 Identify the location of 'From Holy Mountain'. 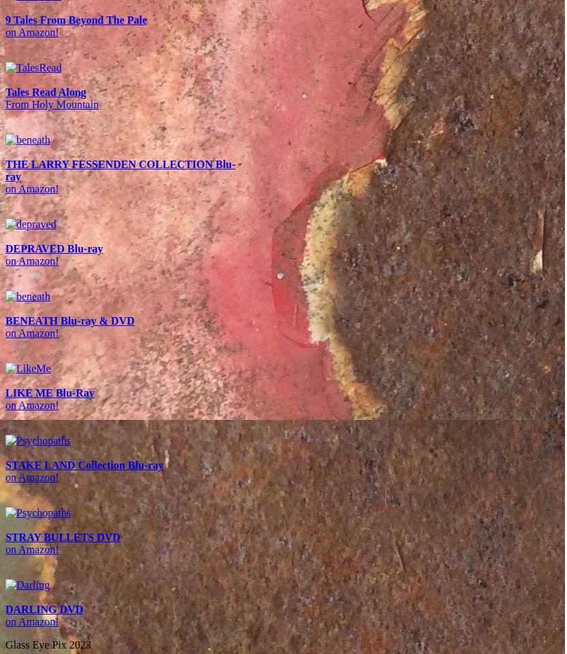
(50, 103).